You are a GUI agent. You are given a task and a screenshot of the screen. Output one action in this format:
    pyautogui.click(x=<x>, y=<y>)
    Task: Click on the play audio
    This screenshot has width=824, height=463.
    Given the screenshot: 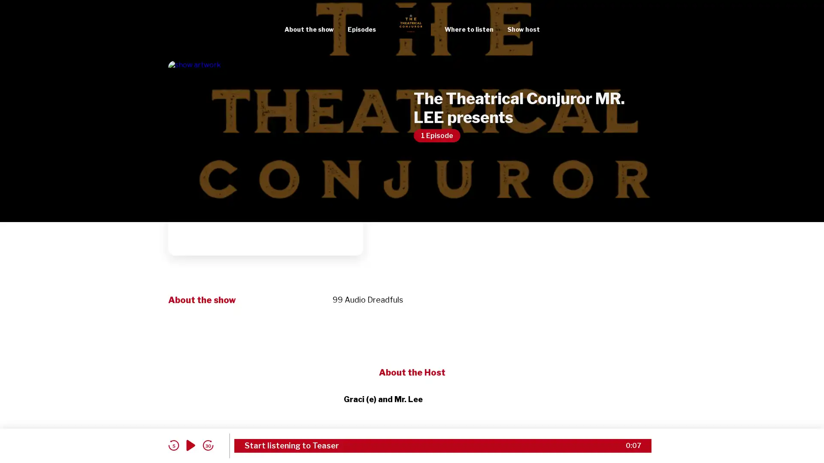 What is the action you would take?
    pyautogui.click(x=191, y=445)
    